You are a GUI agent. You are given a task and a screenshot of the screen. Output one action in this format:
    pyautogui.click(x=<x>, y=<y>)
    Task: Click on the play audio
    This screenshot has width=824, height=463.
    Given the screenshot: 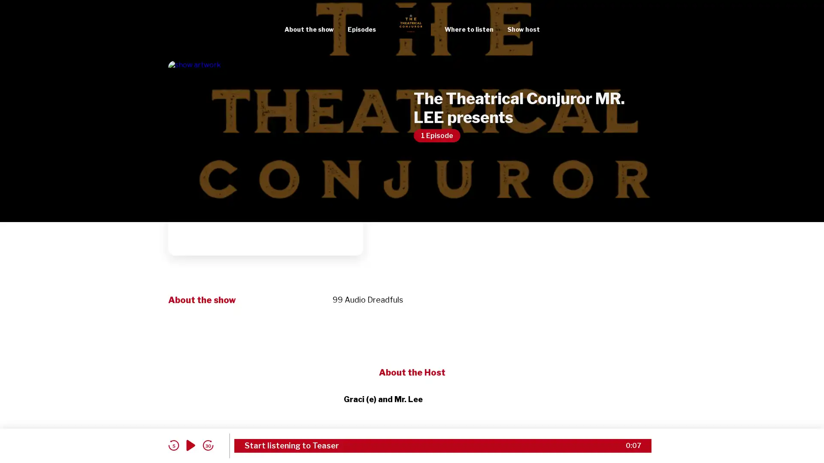 What is the action you would take?
    pyautogui.click(x=191, y=445)
    